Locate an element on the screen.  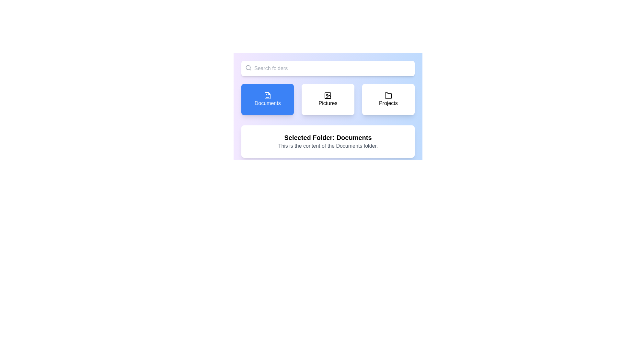
label 'Documents' located at the bottom-center of the blue button with rounded edges in the top-left corner of the grid layout is located at coordinates (268, 103).